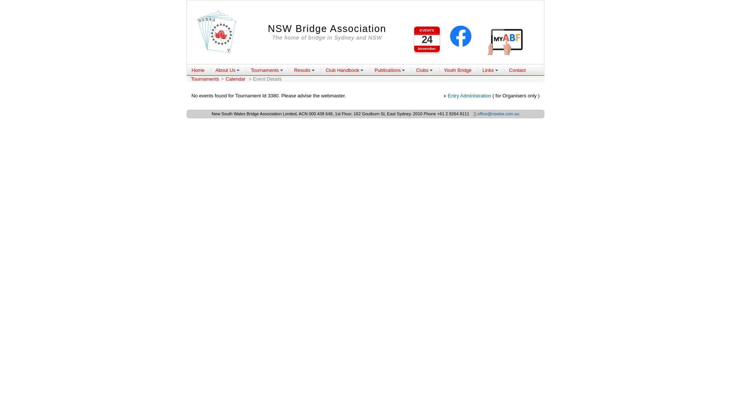 The image size is (731, 411). I want to click on 'Contact', so click(517, 70).